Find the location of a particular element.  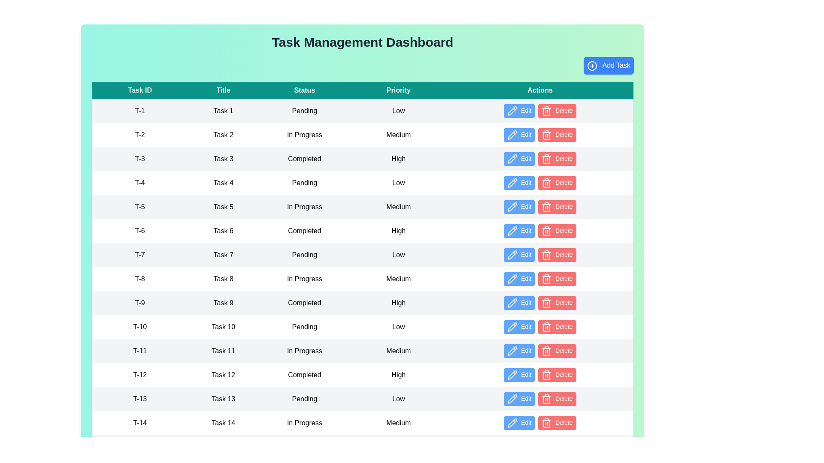

'Delete' button for a specific task in the Actions column is located at coordinates (557, 110).